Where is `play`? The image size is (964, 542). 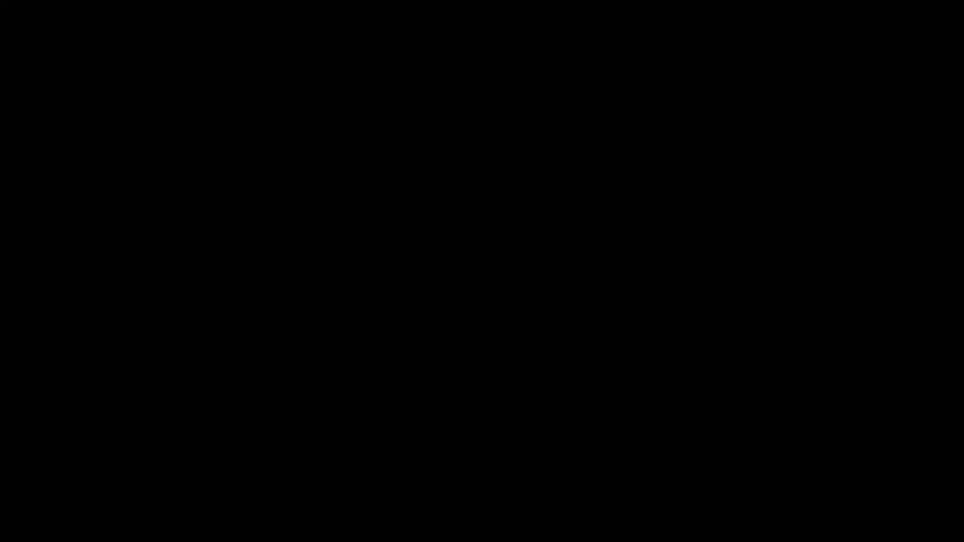 play is located at coordinates (24, 513).